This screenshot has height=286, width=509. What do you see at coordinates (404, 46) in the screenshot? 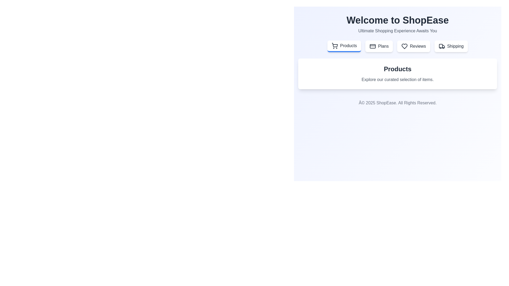
I see `the reviews icon located under the 'Reviews' label in the navigation bar` at bounding box center [404, 46].